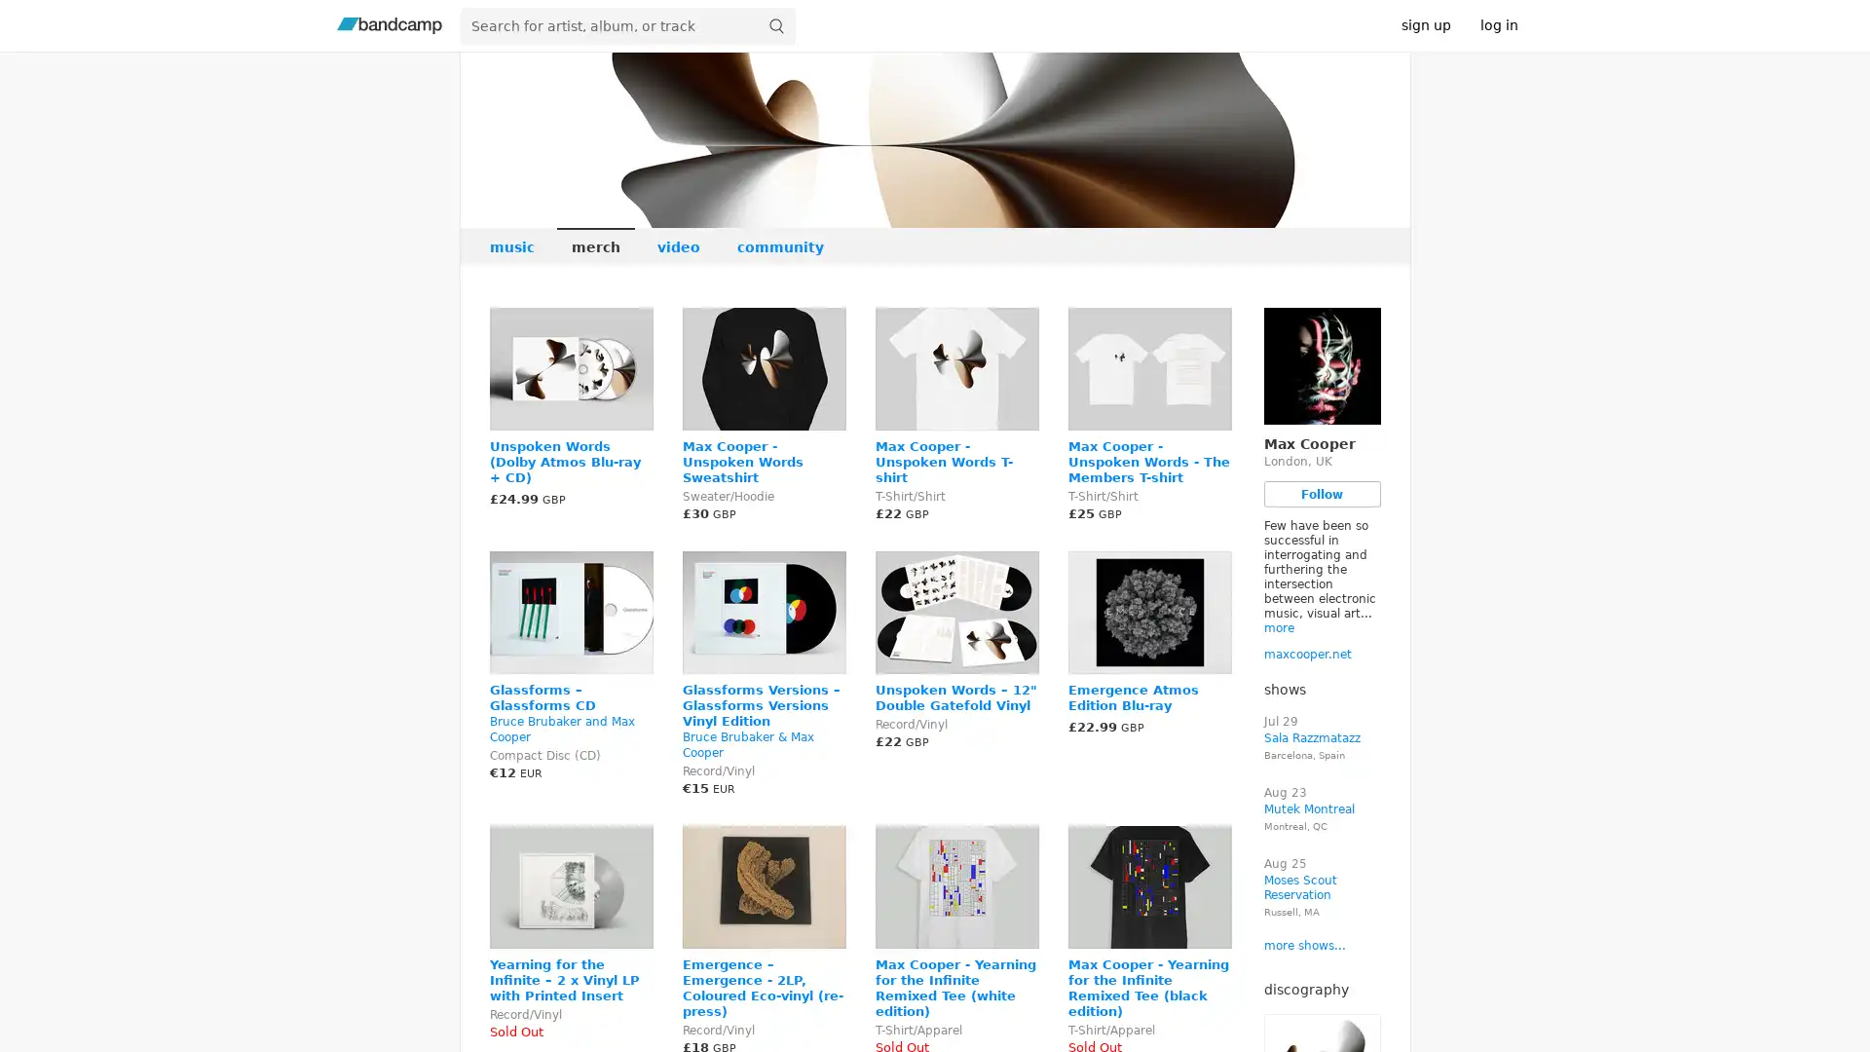 The height and width of the screenshot is (1052, 1870). Describe the element at coordinates (774, 25) in the screenshot. I see `submit for full search page` at that location.